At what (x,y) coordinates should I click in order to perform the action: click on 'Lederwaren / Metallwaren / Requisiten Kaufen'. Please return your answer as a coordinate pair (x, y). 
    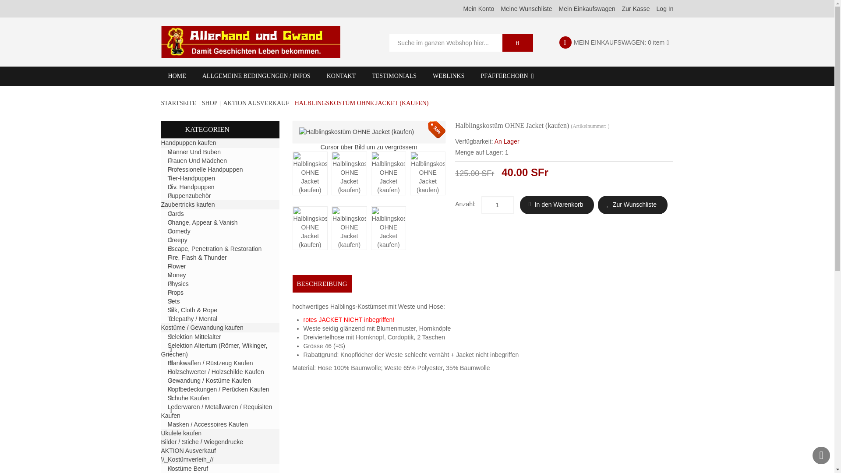
    Looking at the image, I should click on (216, 411).